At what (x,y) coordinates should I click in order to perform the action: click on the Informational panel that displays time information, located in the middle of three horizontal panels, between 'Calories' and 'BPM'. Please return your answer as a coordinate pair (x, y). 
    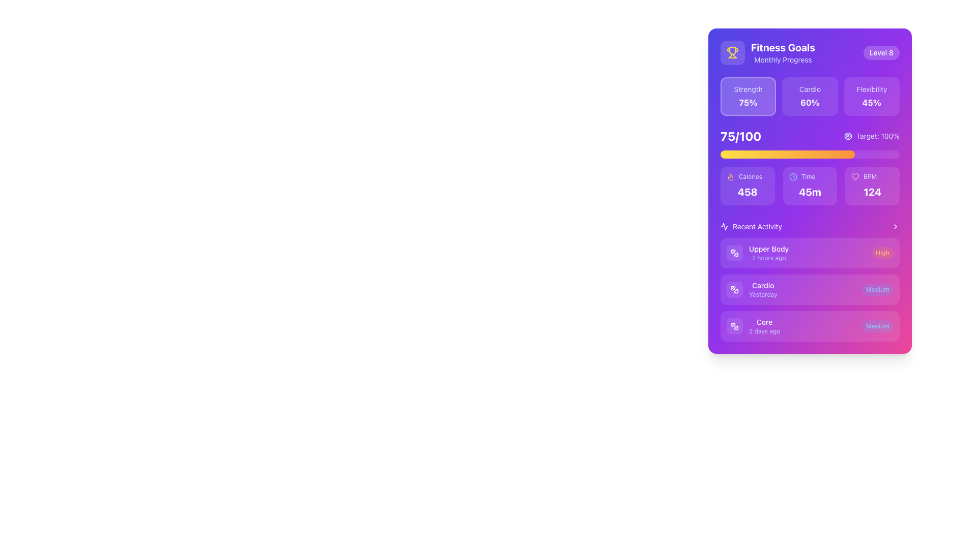
    Looking at the image, I should click on (810, 186).